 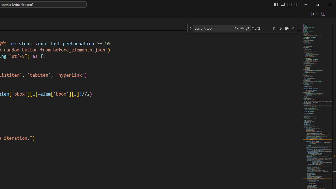 What do you see at coordinates (190, 28) in the screenshot?
I see `'Toggle Replace'` at bounding box center [190, 28].